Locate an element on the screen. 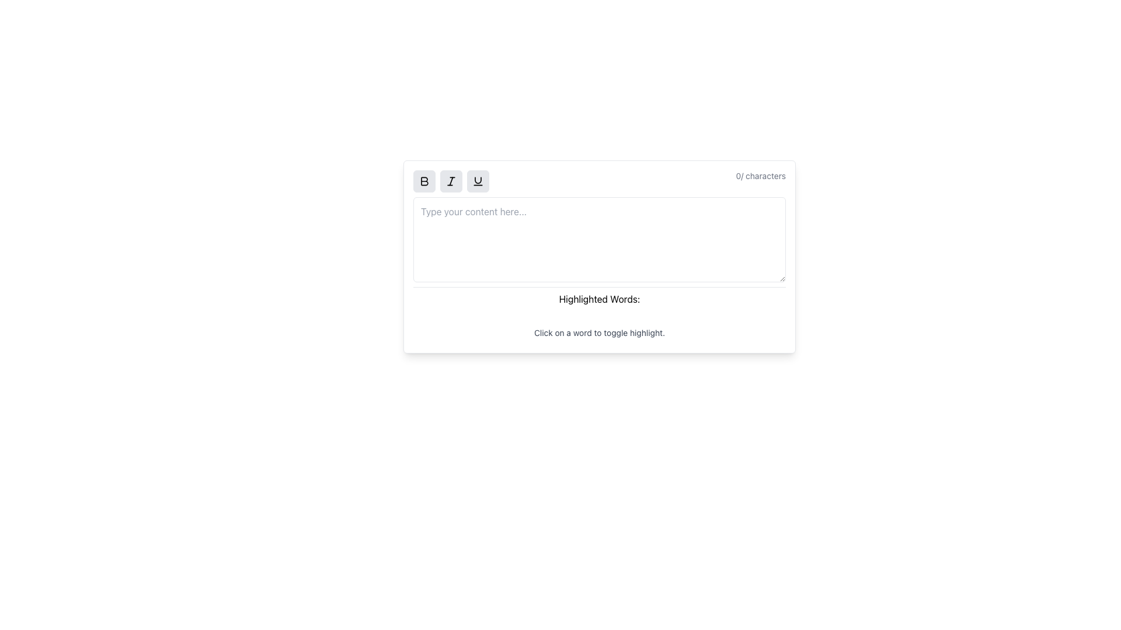 The height and width of the screenshot is (630, 1121). the italic letter 'I' icon in the horizontal toolbar is located at coordinates (450, 181).